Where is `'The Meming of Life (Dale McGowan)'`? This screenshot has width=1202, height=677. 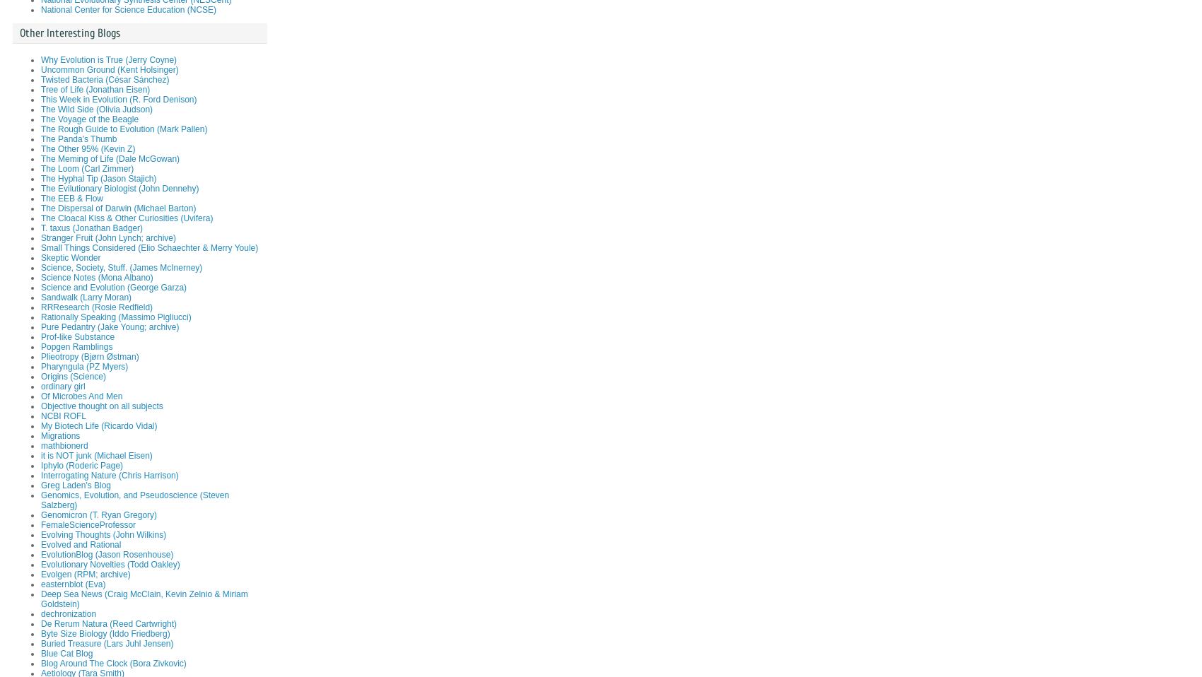 'The Meming of Life (Dale McGowan)' is located at coordinates (110, 158).